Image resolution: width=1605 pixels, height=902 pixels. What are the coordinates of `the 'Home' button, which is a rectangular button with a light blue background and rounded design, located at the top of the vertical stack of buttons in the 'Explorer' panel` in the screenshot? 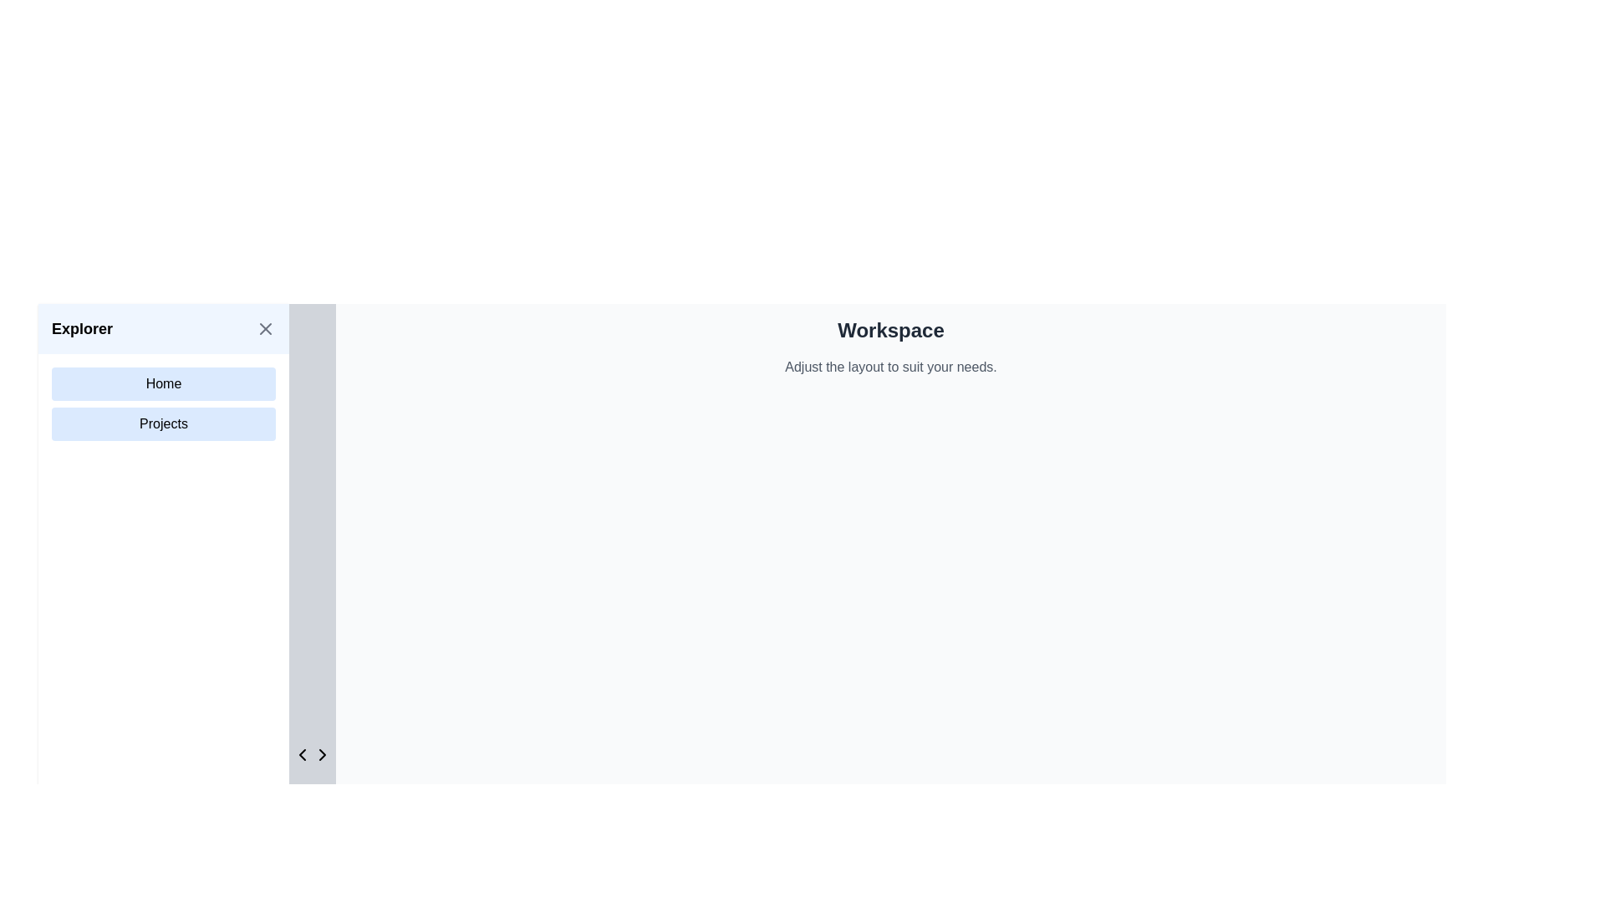 It's located at (164, 383).